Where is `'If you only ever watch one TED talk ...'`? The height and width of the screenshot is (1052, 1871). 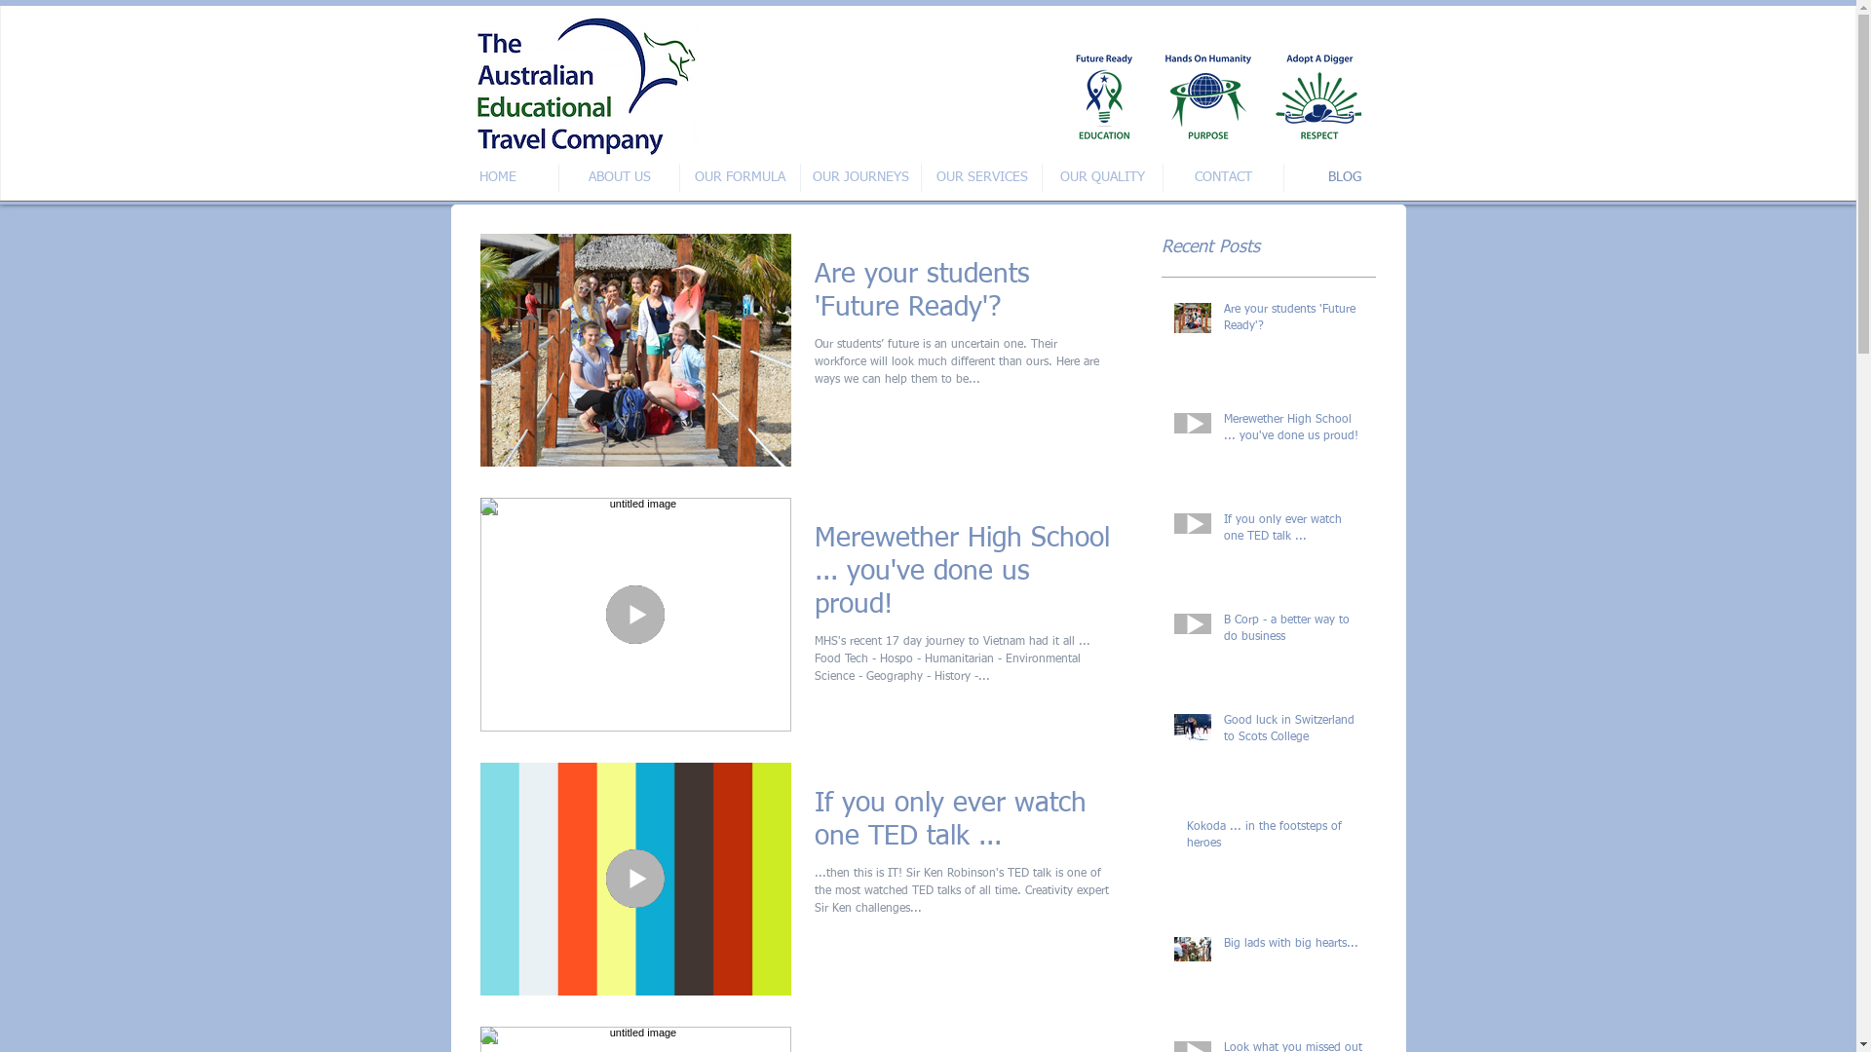 'If you only ever watch one TED talk ...' is located at coordinates (814, 824).